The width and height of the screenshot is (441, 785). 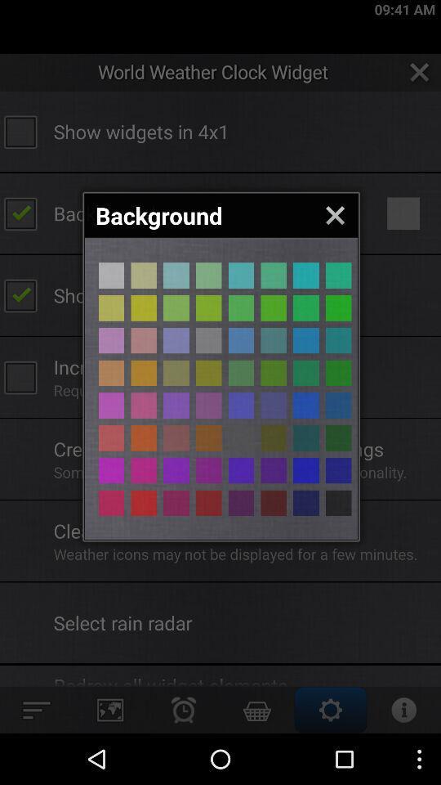 I want to click on coloring page, so click(x=337, y=405).